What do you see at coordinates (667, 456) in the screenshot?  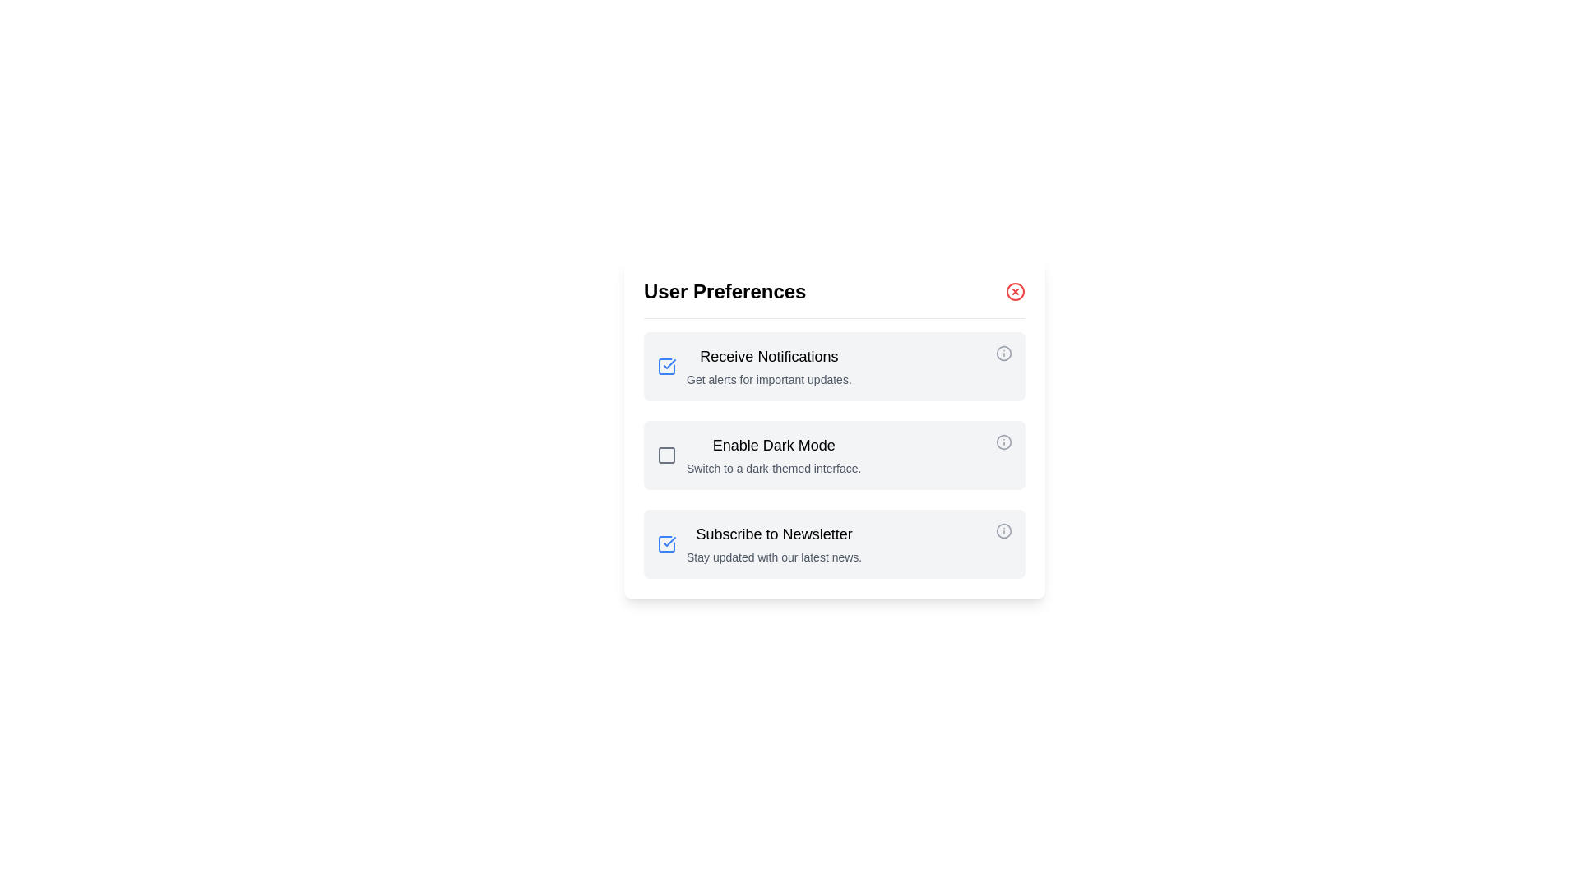 I see `the checkbox for 'Enable Dark Mode' located in the second row of 'User Preferences'` at bounding box center [667, 456].